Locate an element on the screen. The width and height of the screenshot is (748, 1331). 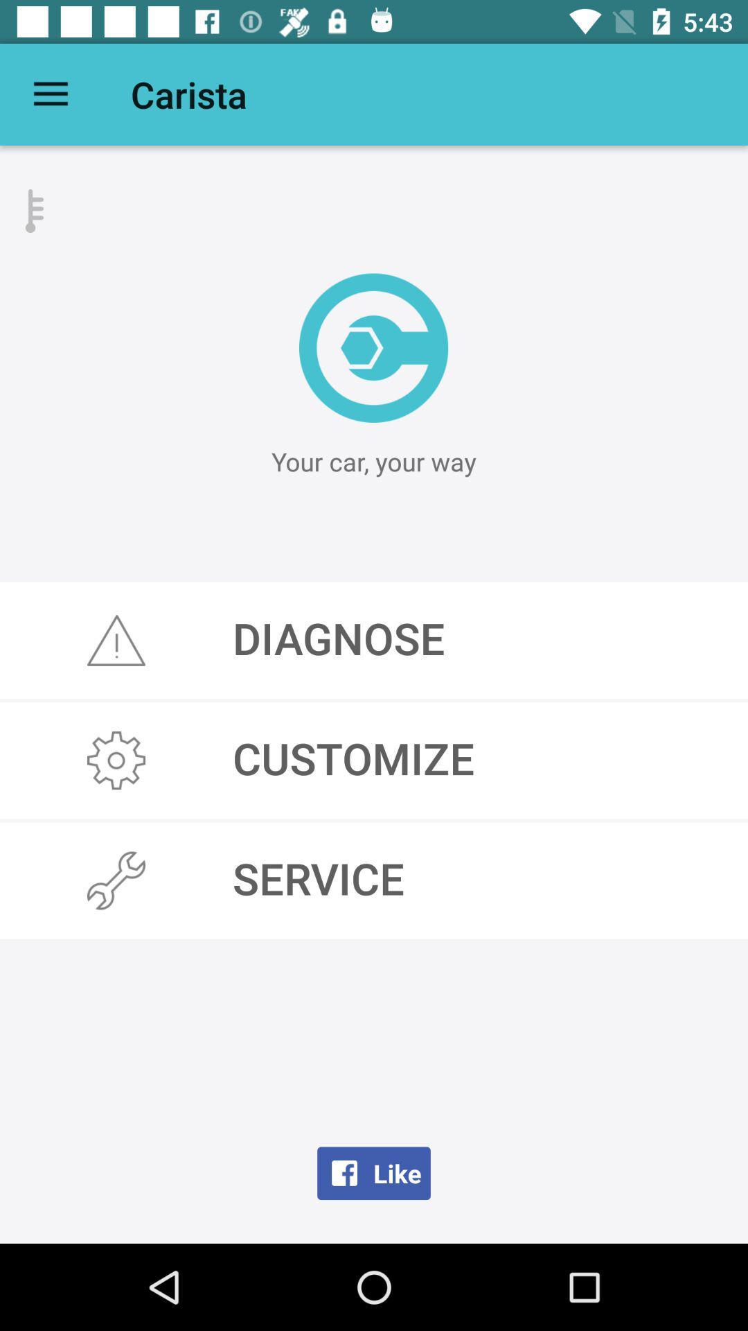
icon below customize icon is located at coordinates (374, 880).